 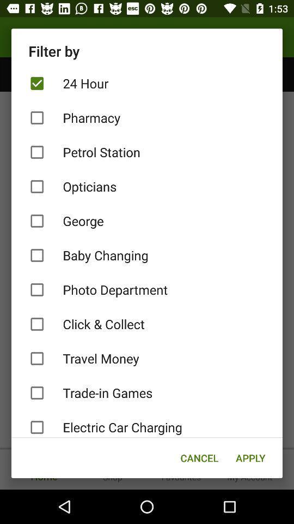 What do you see at coordinates (147, 83) in the screenshot?
I see `item above pharmacy item` at bounding box center [147, 83].